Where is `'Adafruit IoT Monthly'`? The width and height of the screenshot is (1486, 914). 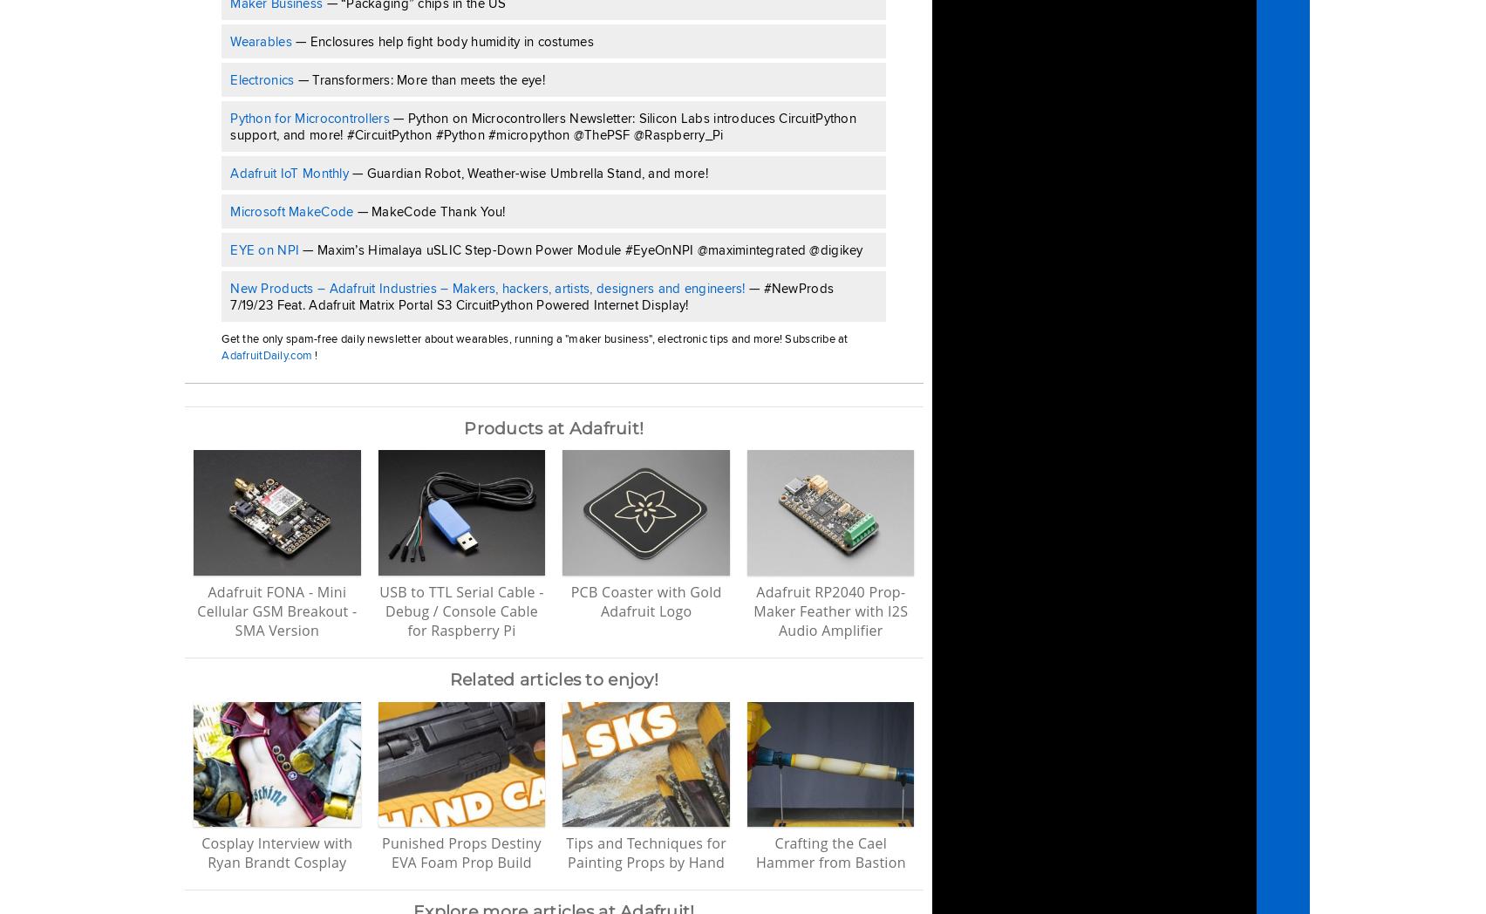 'Adafruit IoT Monthly' is located at coordinates (228, 172).